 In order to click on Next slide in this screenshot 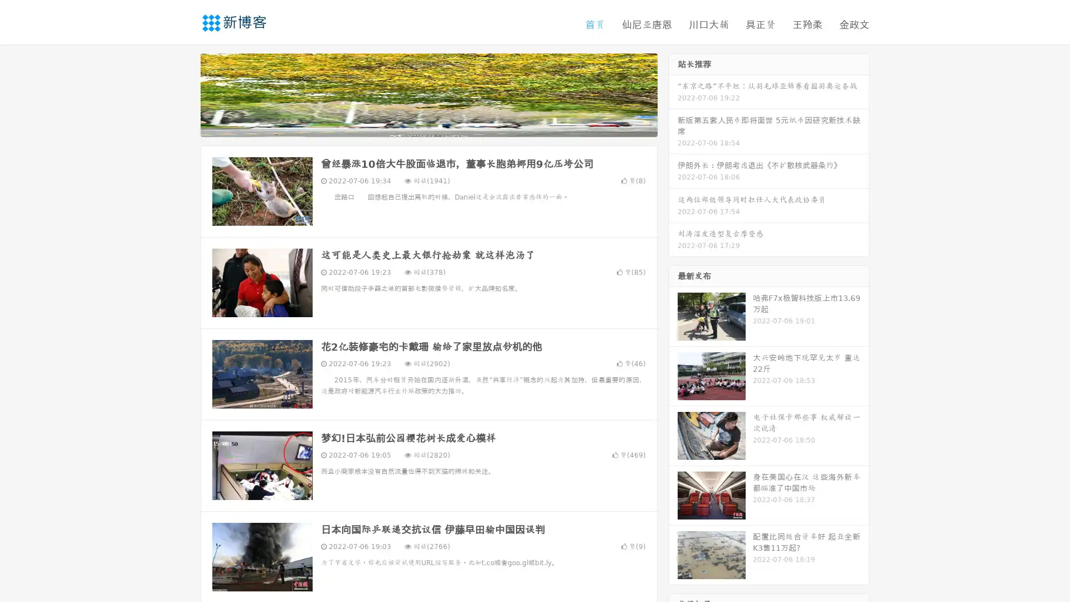, I will do `click(673, 94)`.